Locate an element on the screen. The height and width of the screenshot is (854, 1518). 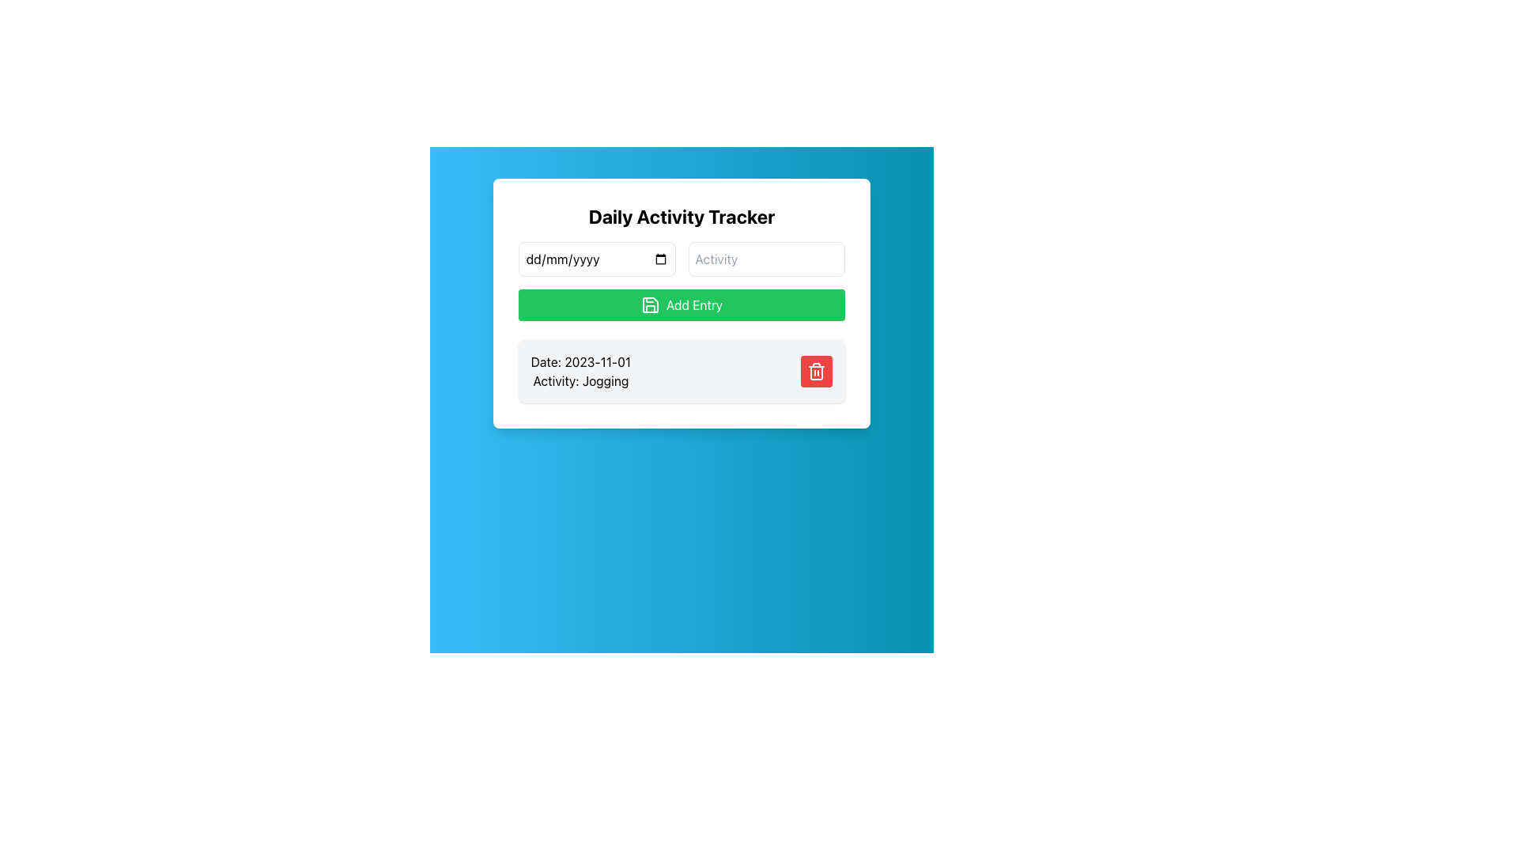
the upper-left area of the save icon, which resembles a diskette shape, located directly above the 'Add Entry' text in a green button is located at coordinates (650, 304).